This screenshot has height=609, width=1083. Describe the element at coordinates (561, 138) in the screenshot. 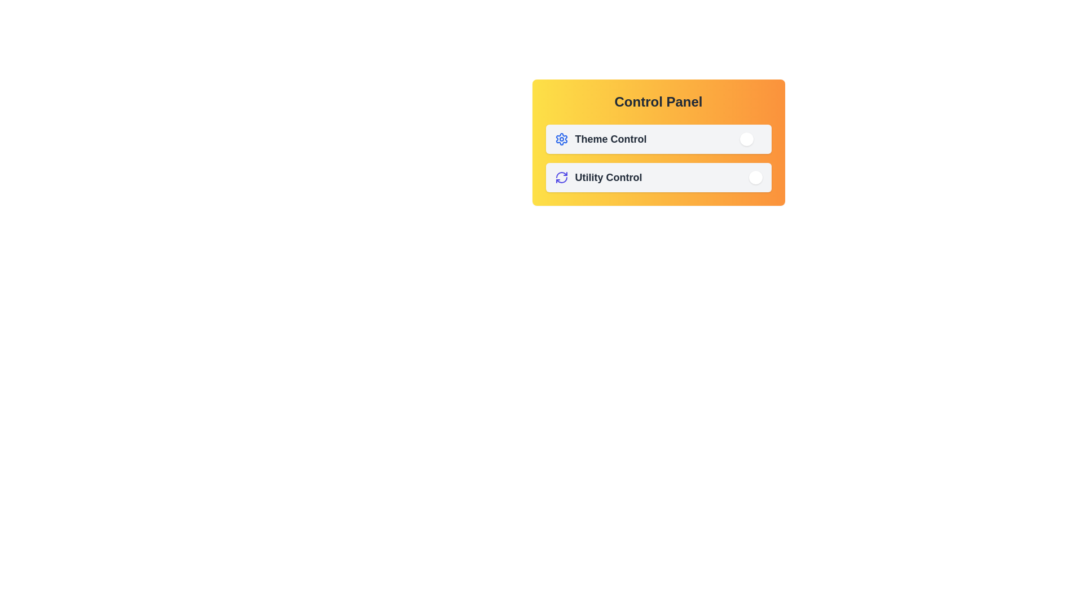

I see `the gear-shaped icon with a blue outline located in the first row of icons to the left of the 'Theme Control' label` at that location.